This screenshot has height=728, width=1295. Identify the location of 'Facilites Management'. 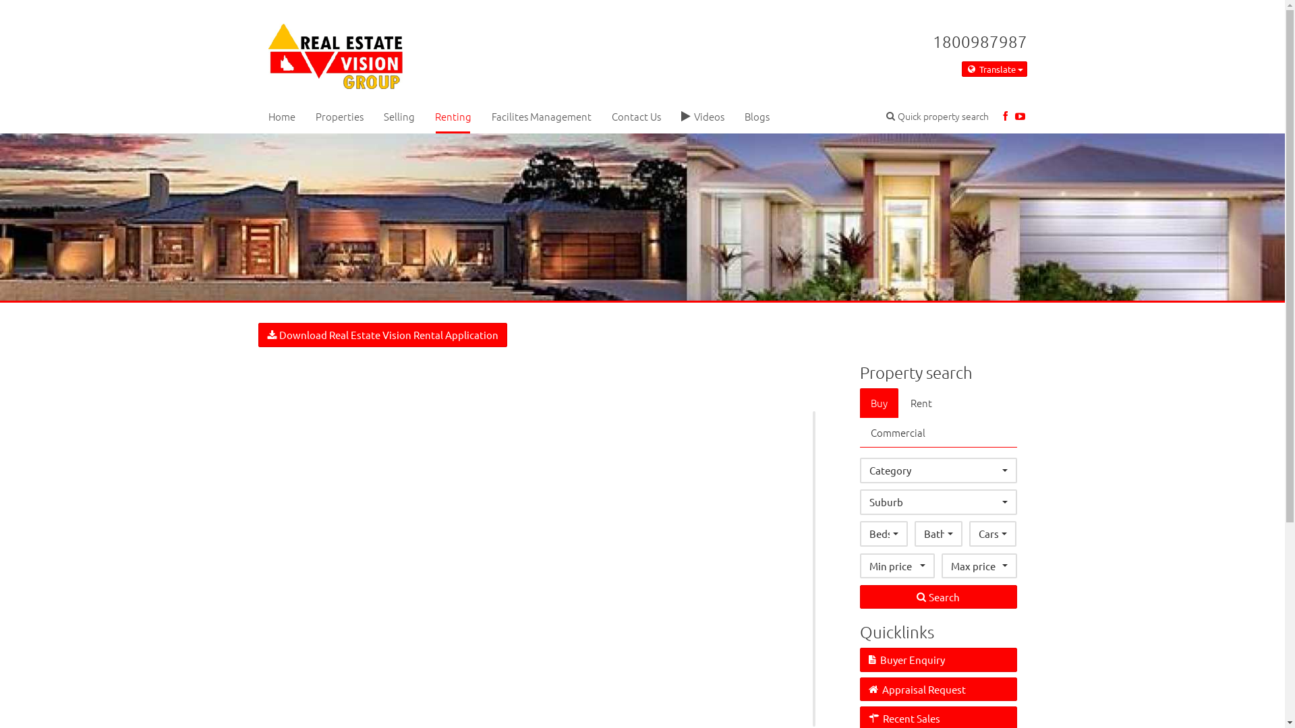
(482, 115).